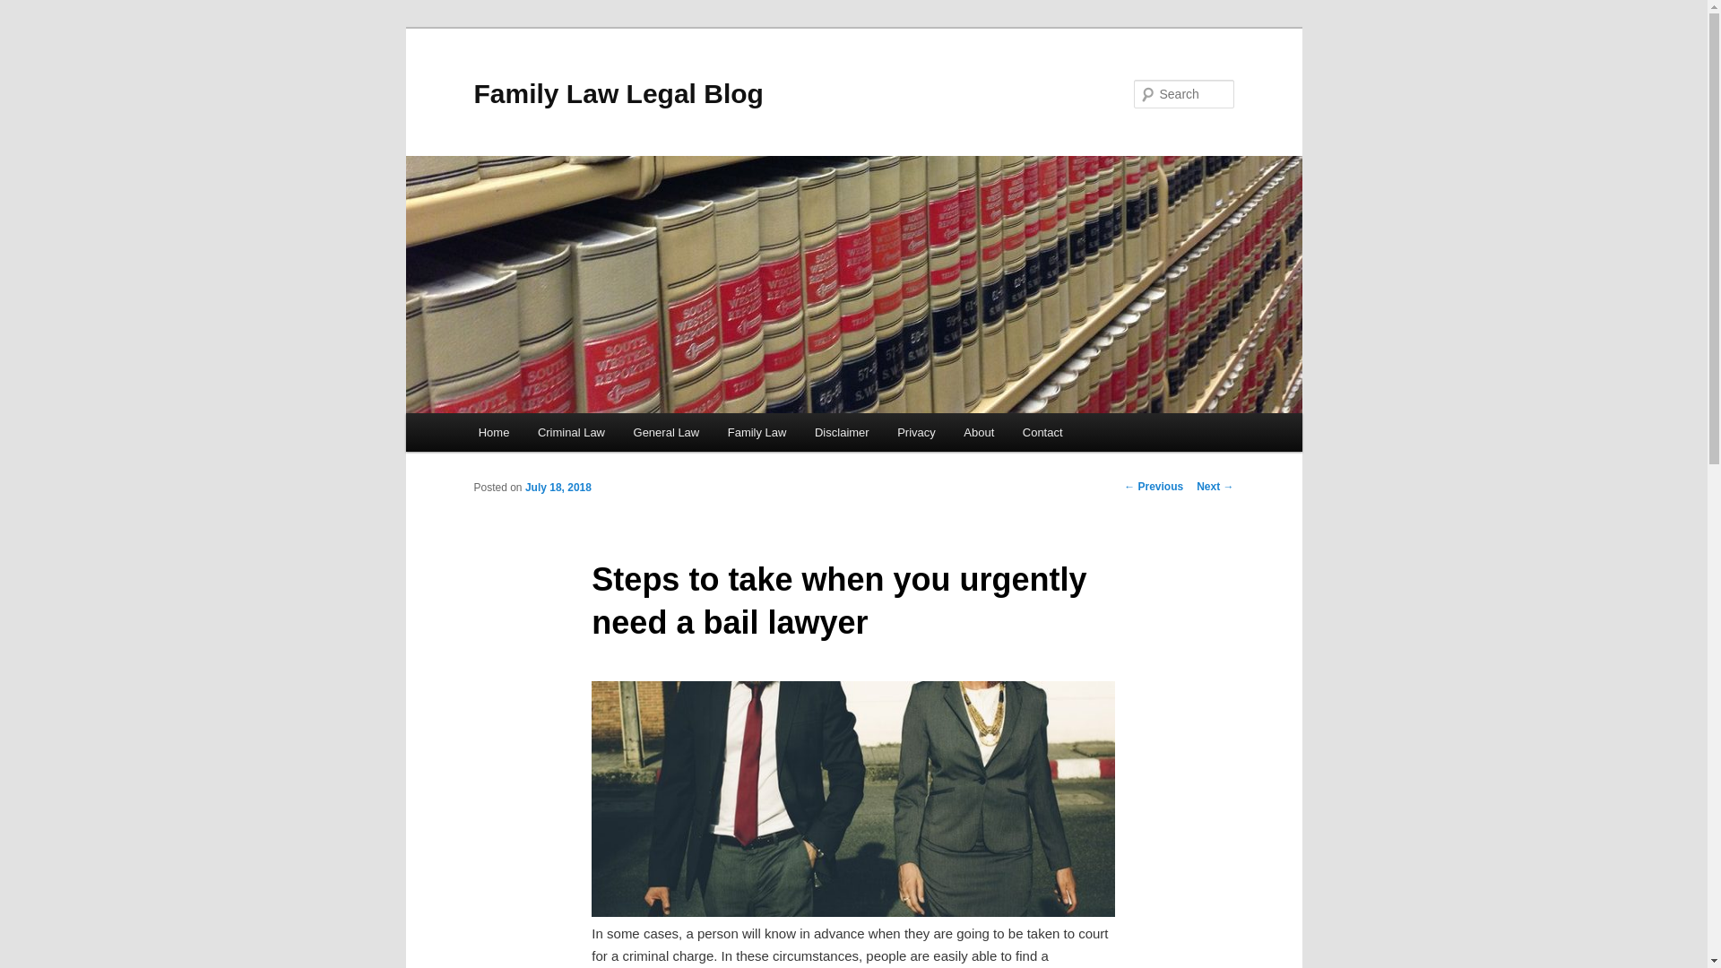 The width and height of the screenshot is (1721, 968). Describe the element at coordinates (1008, 432) in the screenshot. I see `'Contact'` at that location.